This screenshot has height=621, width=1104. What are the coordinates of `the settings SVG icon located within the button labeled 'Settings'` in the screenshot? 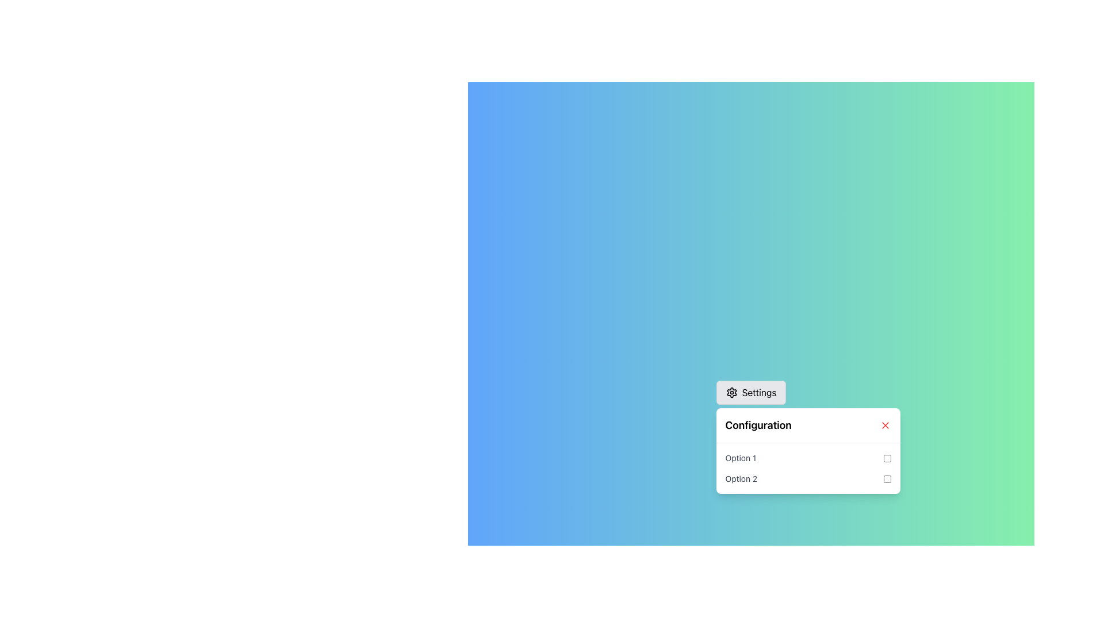 It's located at (731, 392).